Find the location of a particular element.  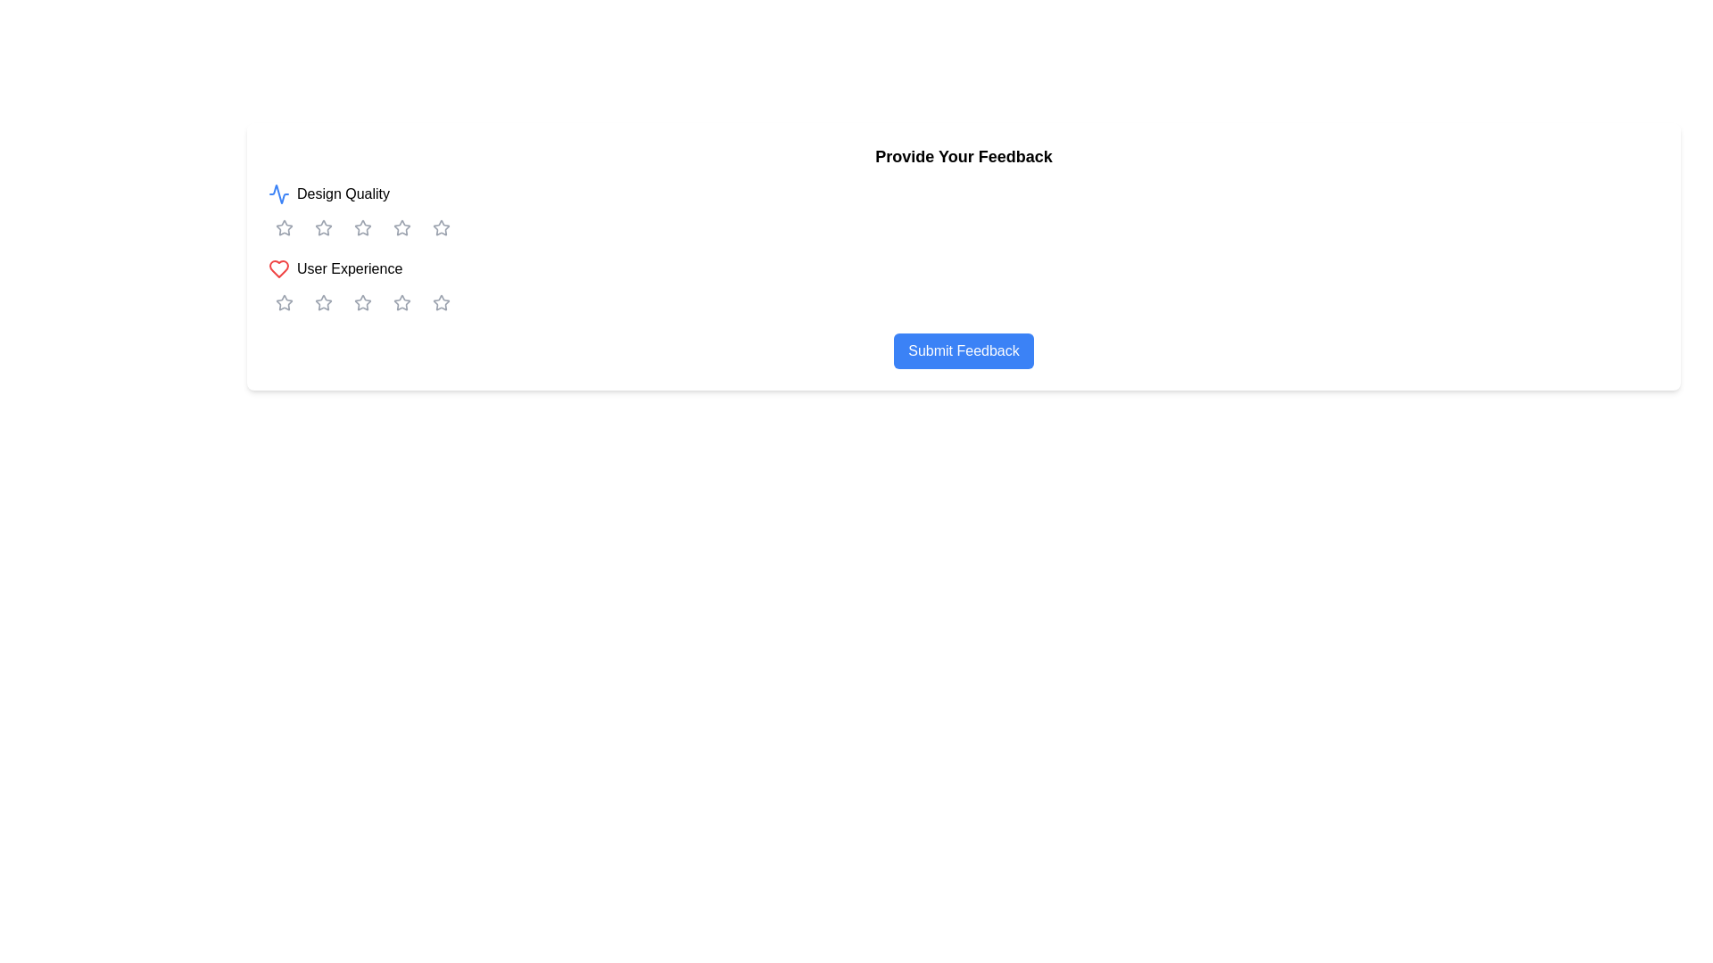

the third star-shaped icon used for rating under the 'User Experience' section by navigating with the keyboard is located at coordinates (401, 301).